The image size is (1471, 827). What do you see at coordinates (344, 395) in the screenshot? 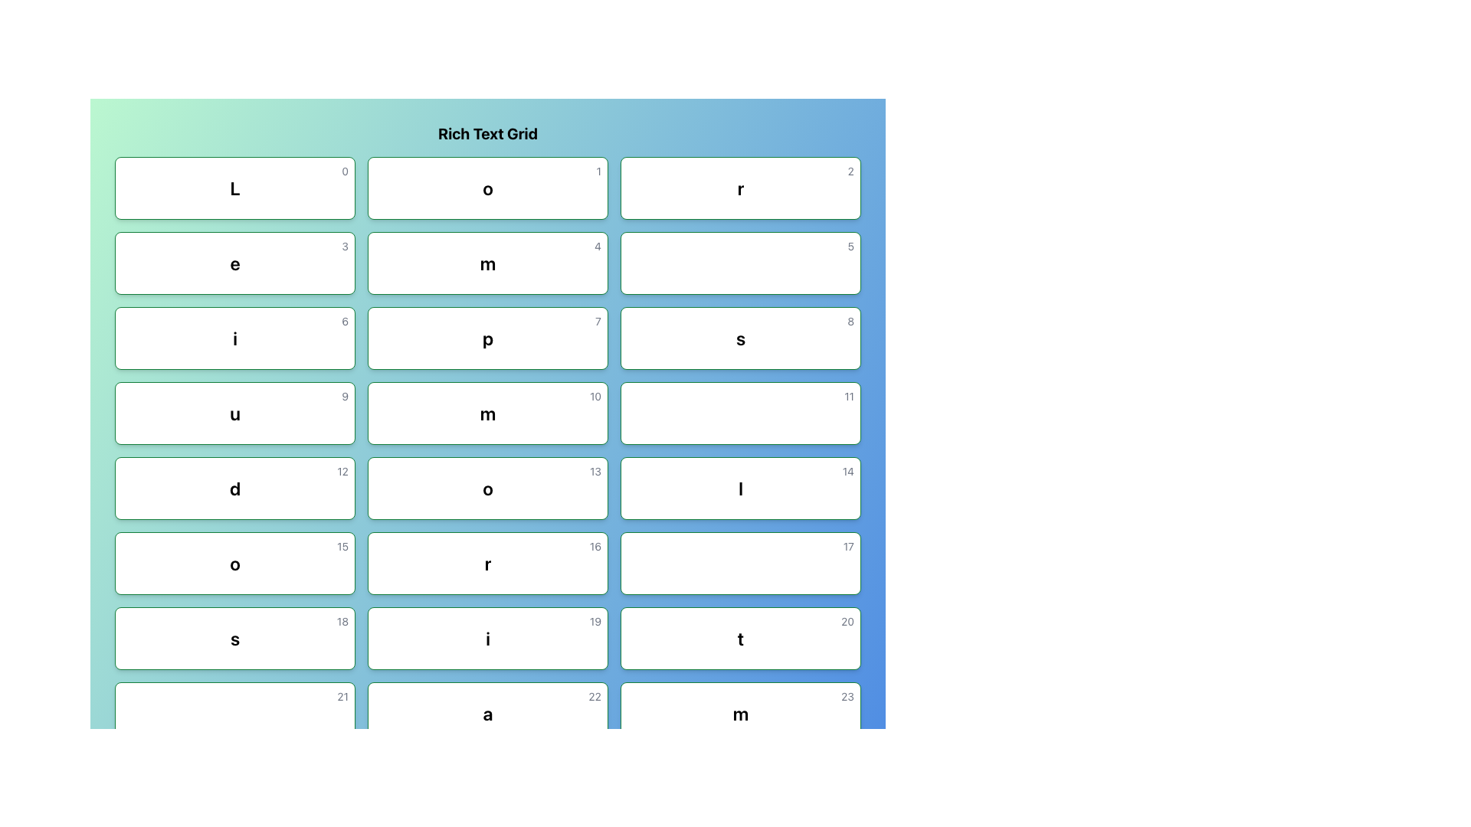
I see `the value of the Text element located in the top-right corner of the box containing the text 'u'` at bounding box center [344, 395].